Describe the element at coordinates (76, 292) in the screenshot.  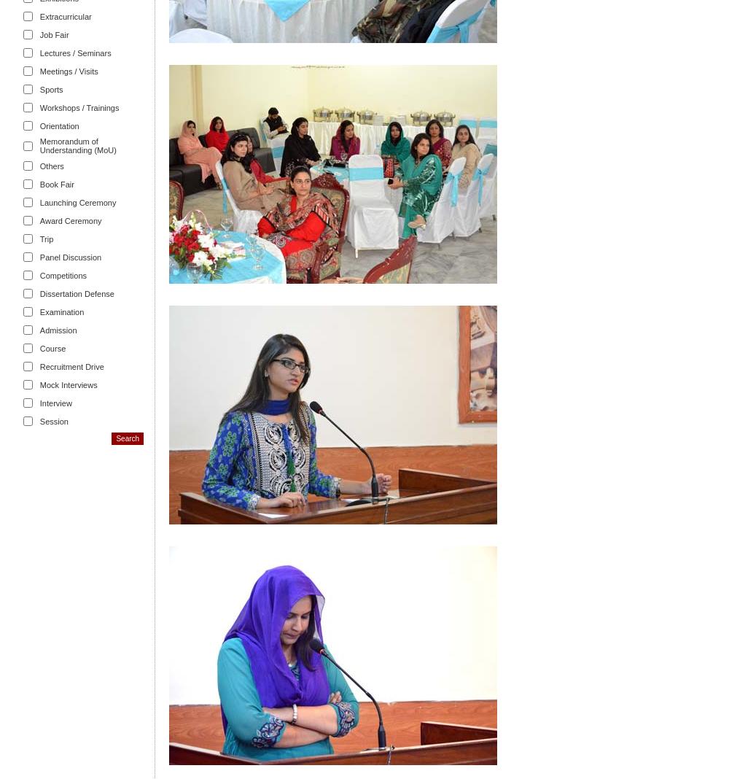
I see `'Dissertation Defense'` at that location.